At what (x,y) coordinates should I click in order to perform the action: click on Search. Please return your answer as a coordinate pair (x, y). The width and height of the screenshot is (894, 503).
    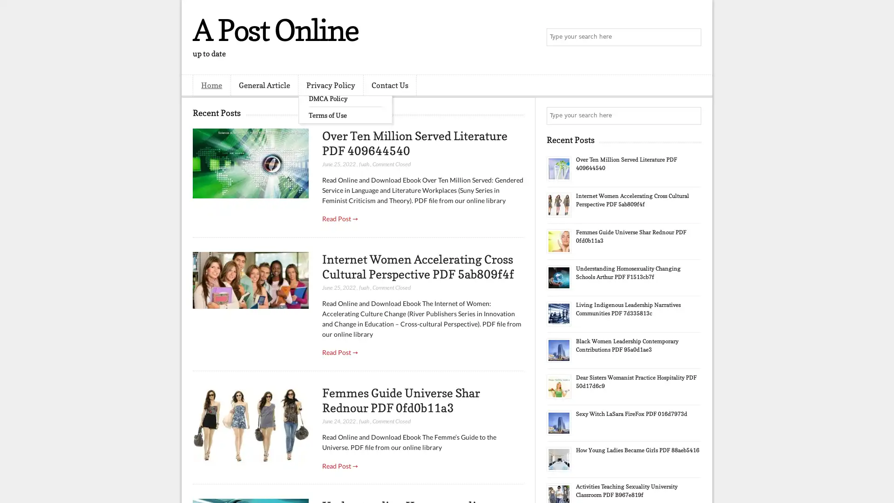
    Looking at the image, I should click on (691, 116).